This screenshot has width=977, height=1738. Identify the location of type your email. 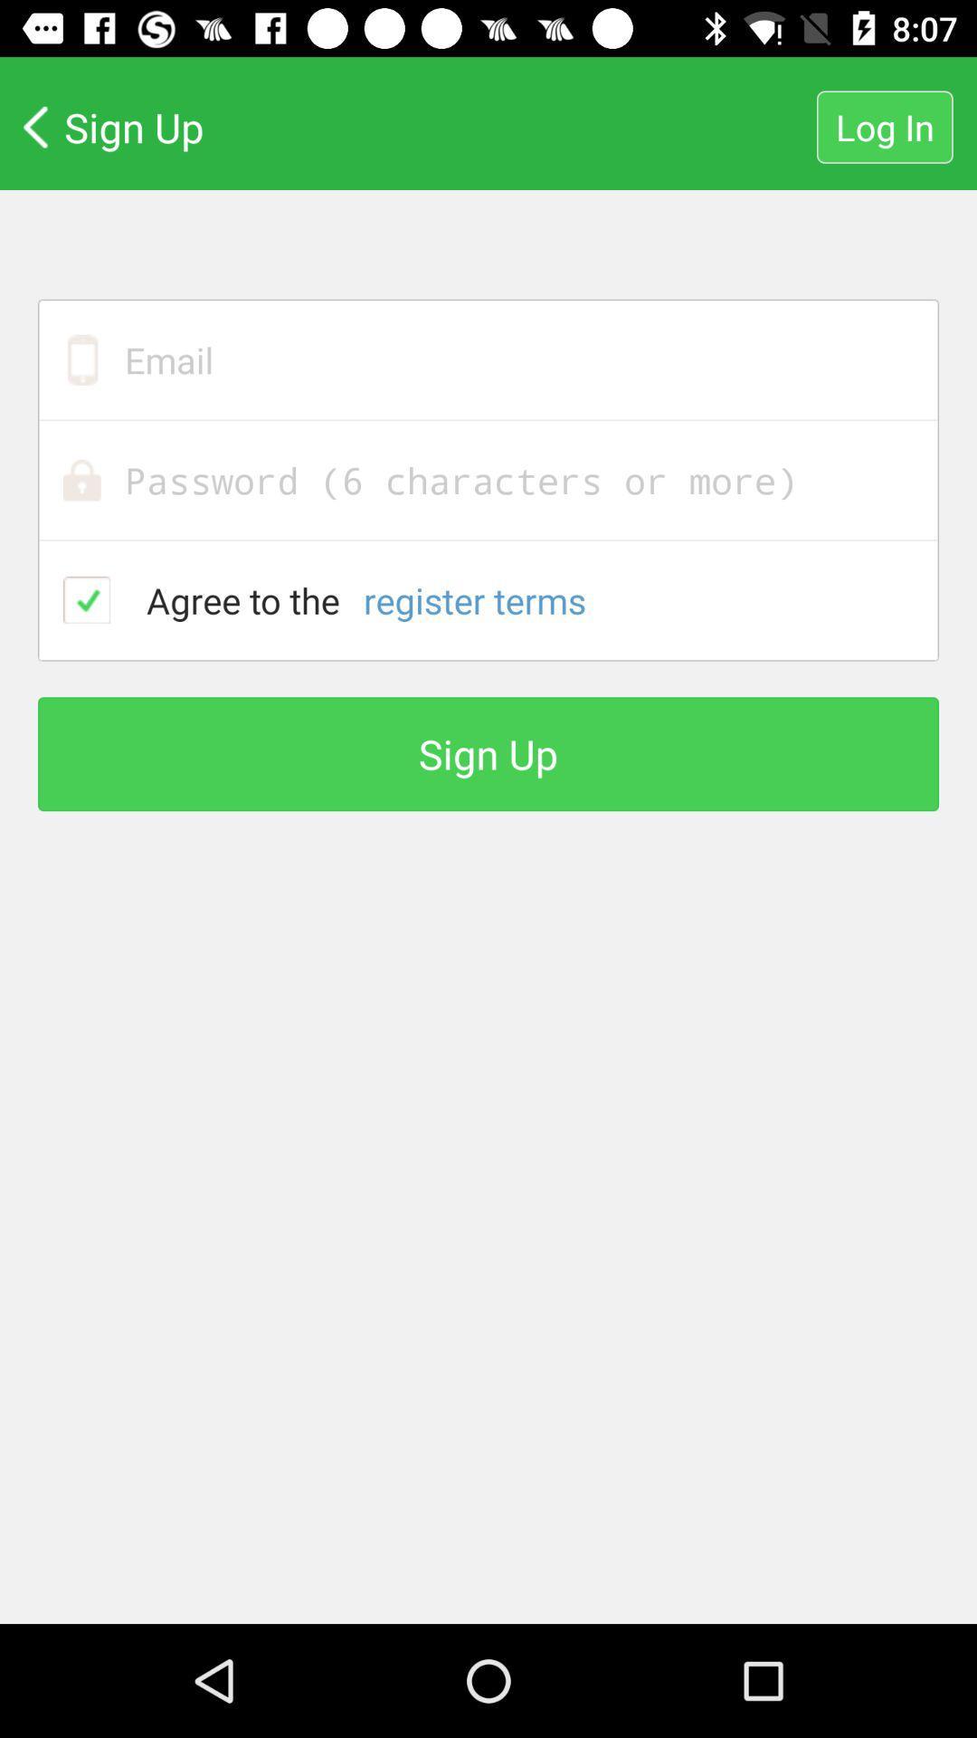
(488, 359).